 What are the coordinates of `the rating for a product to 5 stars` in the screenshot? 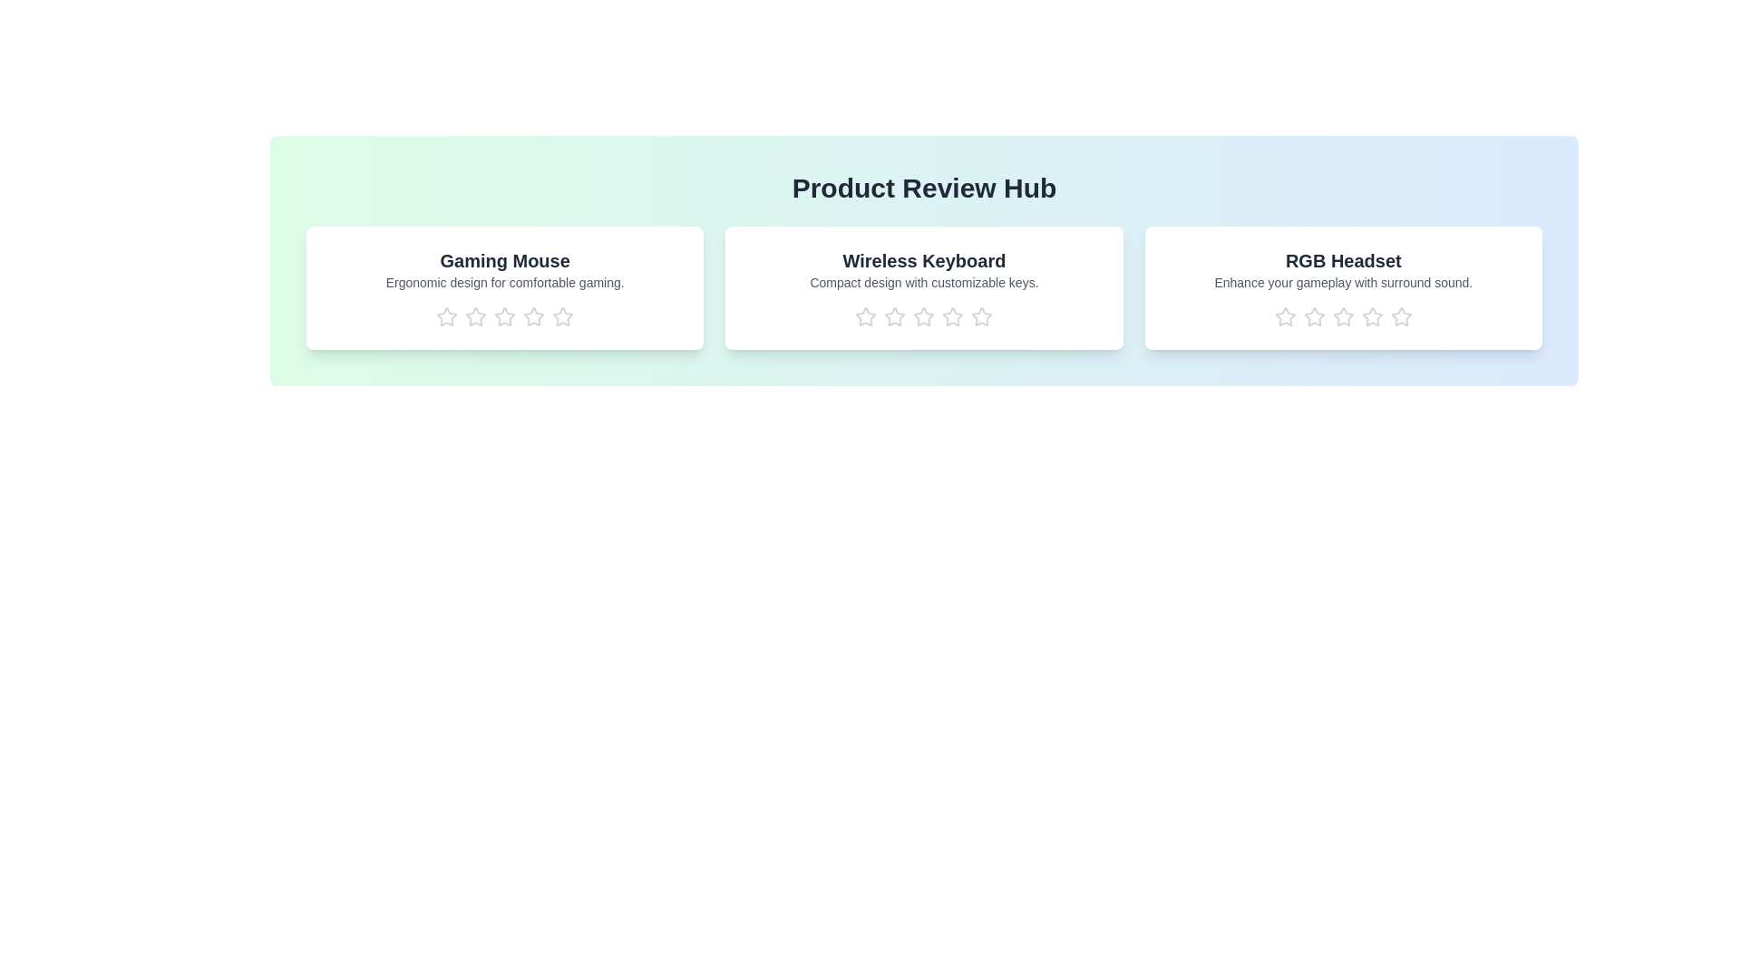 It's located at (561, 316).